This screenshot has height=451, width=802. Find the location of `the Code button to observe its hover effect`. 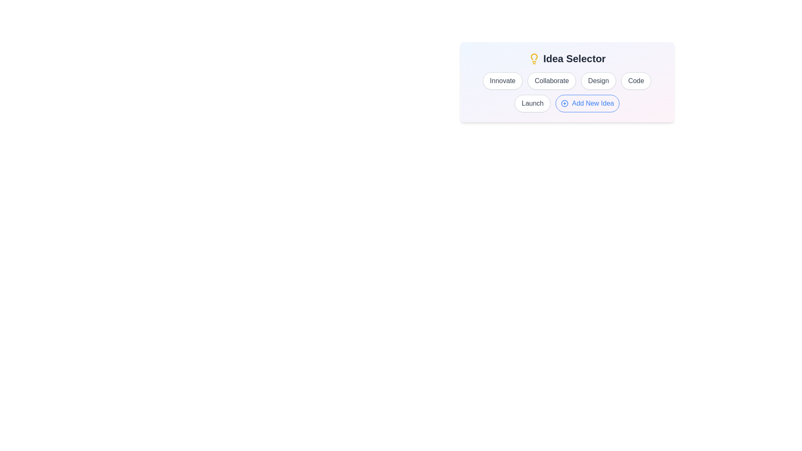

the Code button to observe its hover effect is located at coordinates (635, 81).